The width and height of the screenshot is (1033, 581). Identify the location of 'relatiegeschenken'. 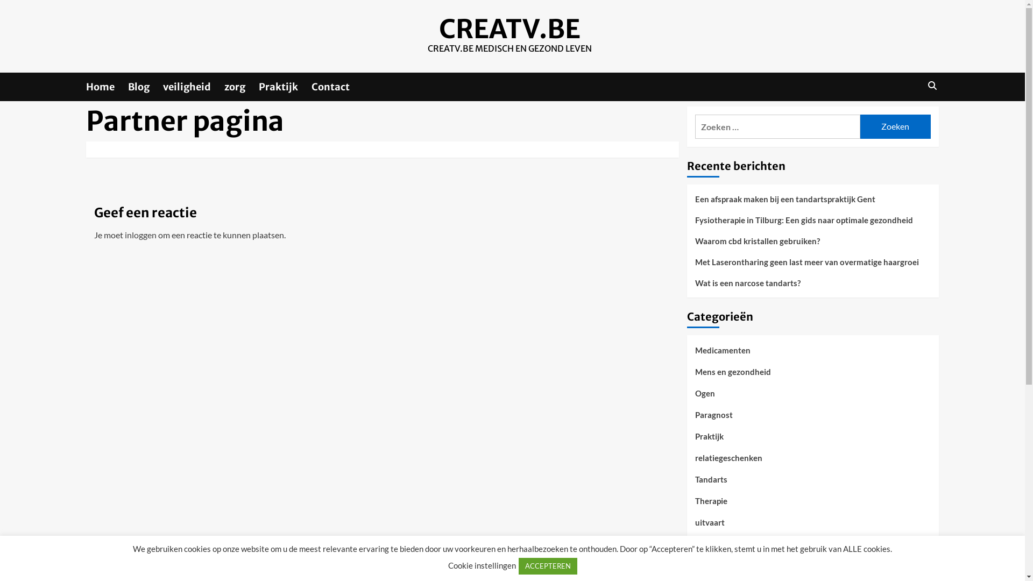
(728, 461).